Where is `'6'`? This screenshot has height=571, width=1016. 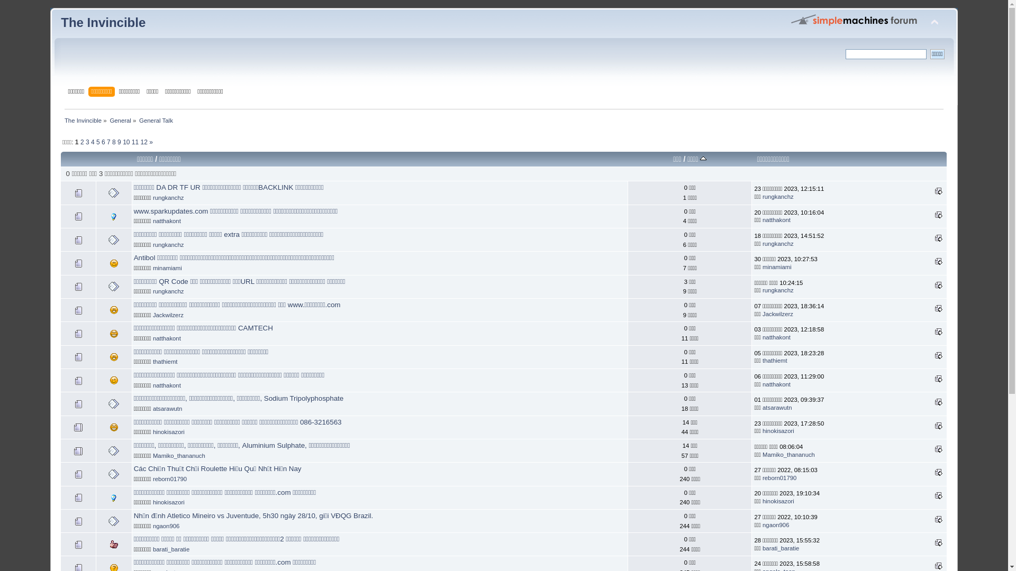 '6' is located at coordinates (103, 142).